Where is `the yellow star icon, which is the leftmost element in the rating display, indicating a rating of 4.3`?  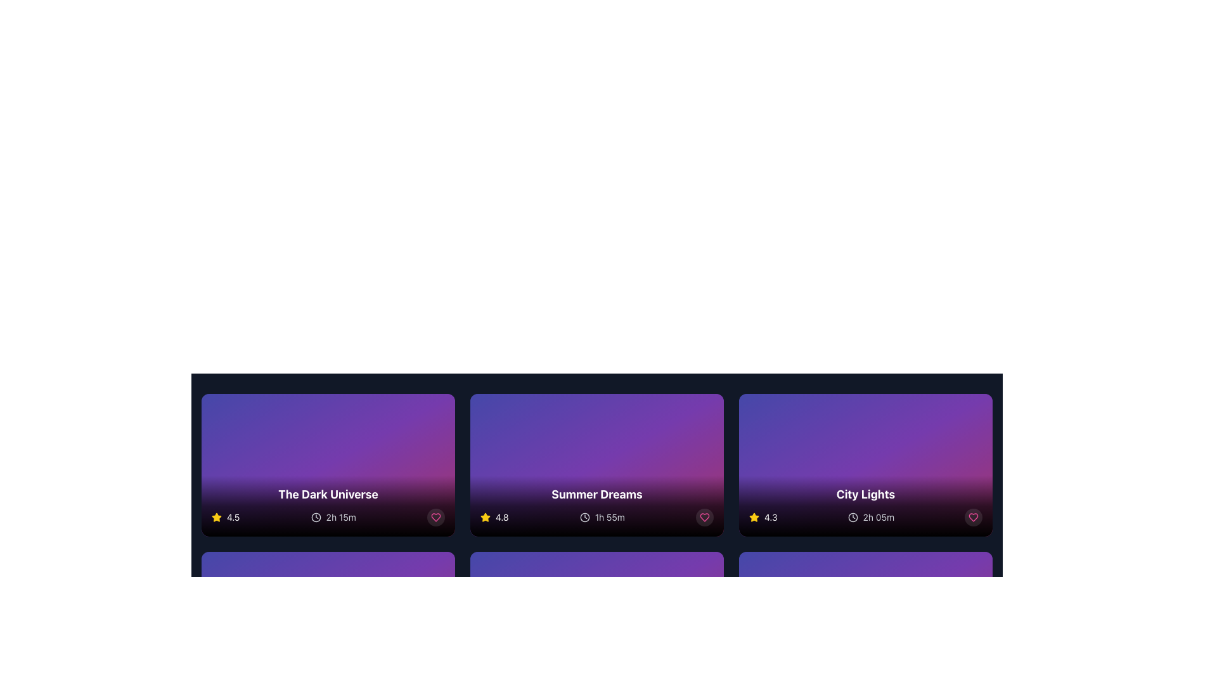 the yellow star icon, which is the leftmost element in the rating display, indicating a rating of 4.3 is located at coordinates (754, 518).